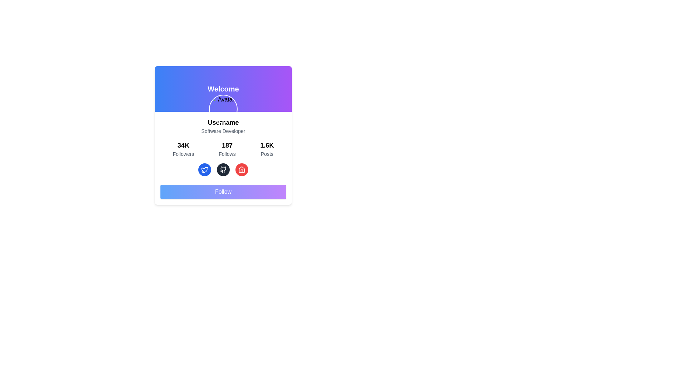 This screenshot has width=686, height=386. What do you see at coordinates (267, 154) in the screenshot?
I see `the text label that describes the numerical value pertaining to 'Posts', located below the number '1.6K'` at bounding box center [267, 154].